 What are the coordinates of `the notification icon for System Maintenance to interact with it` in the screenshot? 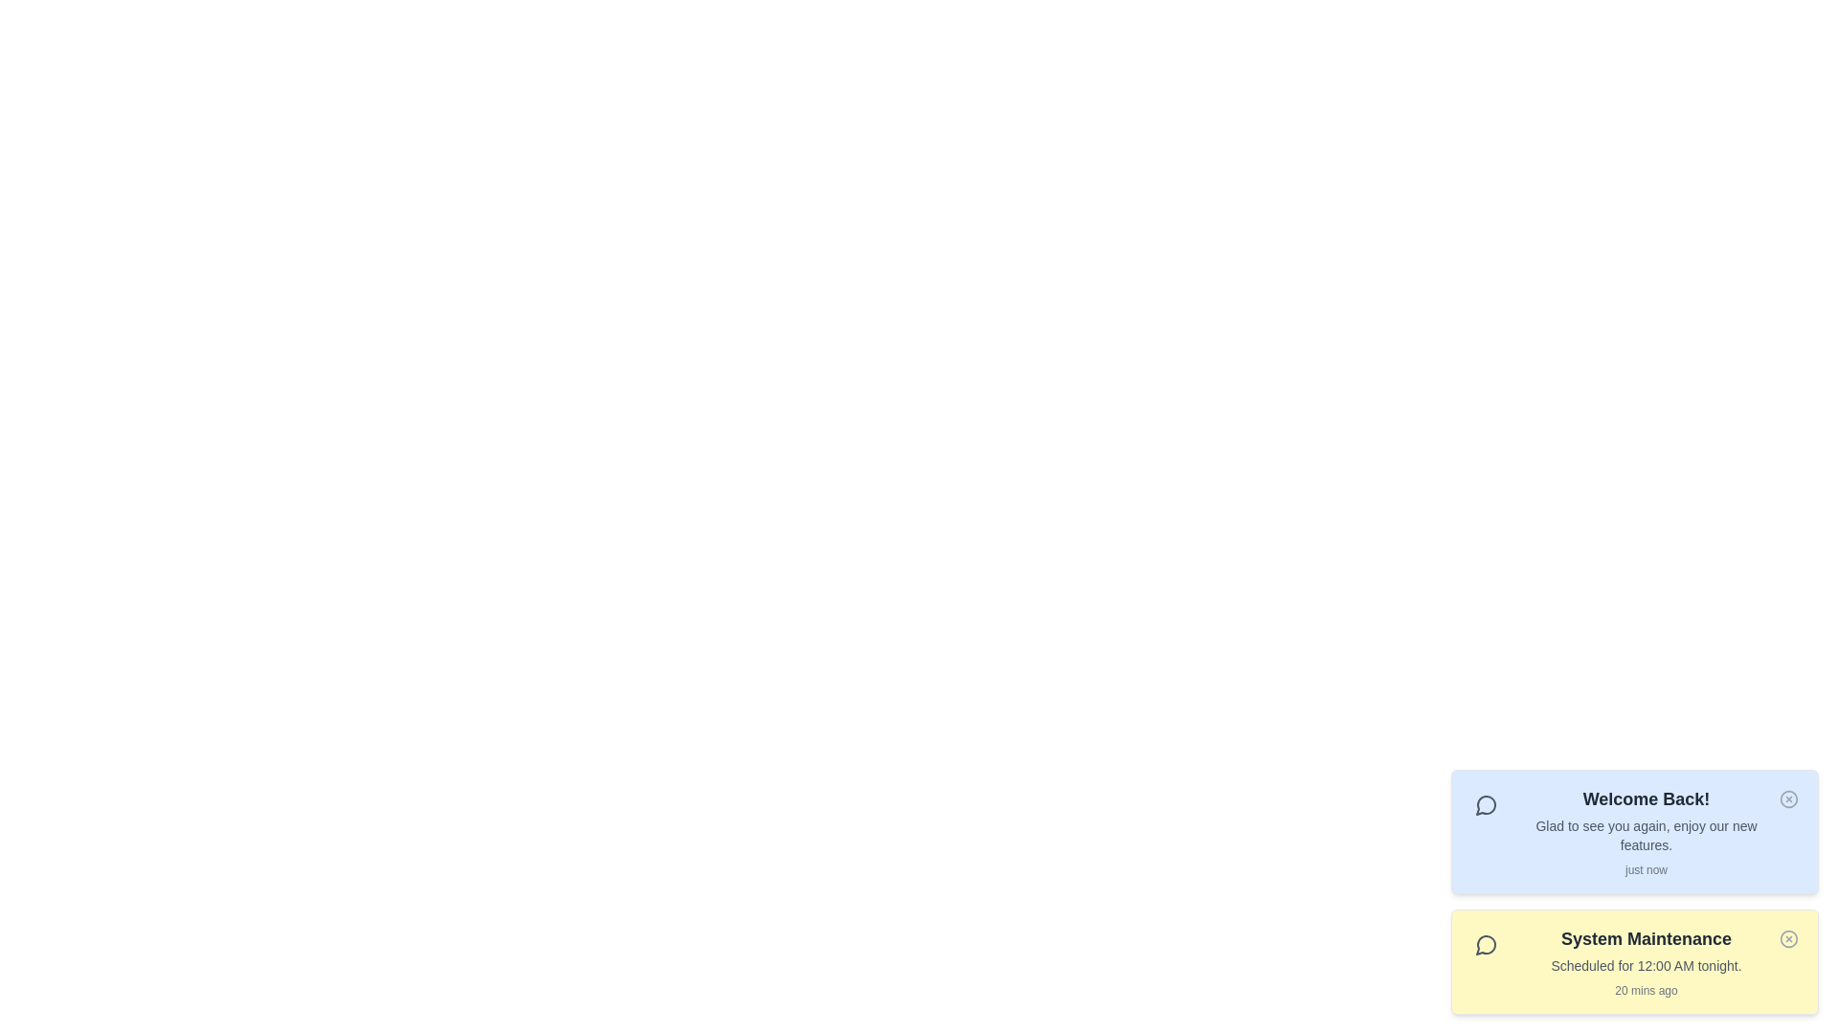 It's located at (1787, 937).